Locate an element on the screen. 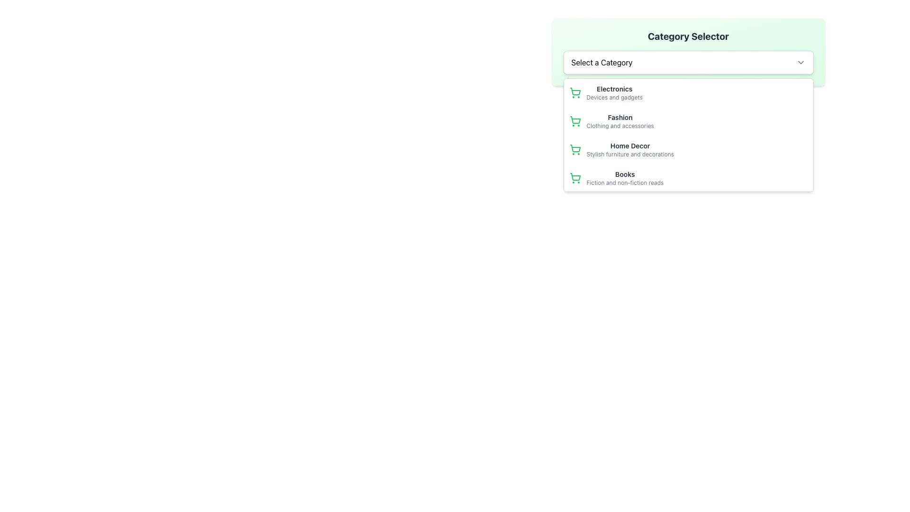 Image resolution: width=910 pixels, height=512 pixels. the 'Electronics' category icon located in the dropdown list under 'Select a Category' is located at coordinates (574, 93).